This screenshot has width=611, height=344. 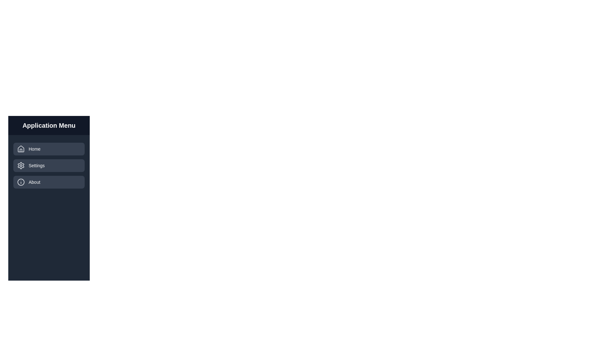 I want to click on the icon next to the Home menu item, so click(x=21, y=149).